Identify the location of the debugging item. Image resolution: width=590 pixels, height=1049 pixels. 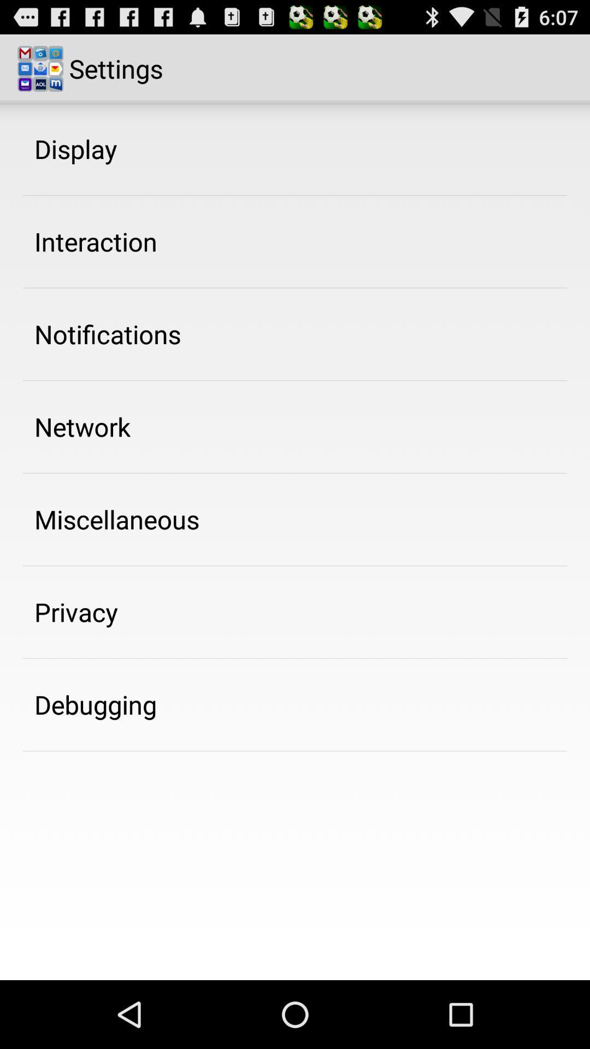
(95, 704).